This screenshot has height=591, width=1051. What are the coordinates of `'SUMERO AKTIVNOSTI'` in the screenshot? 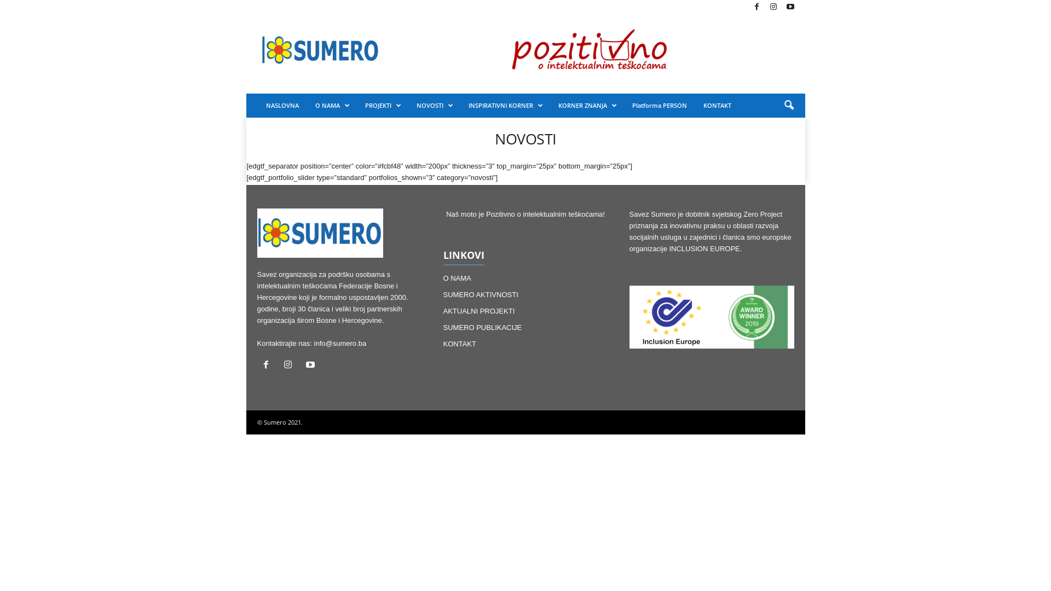 It's located at (443, 294).